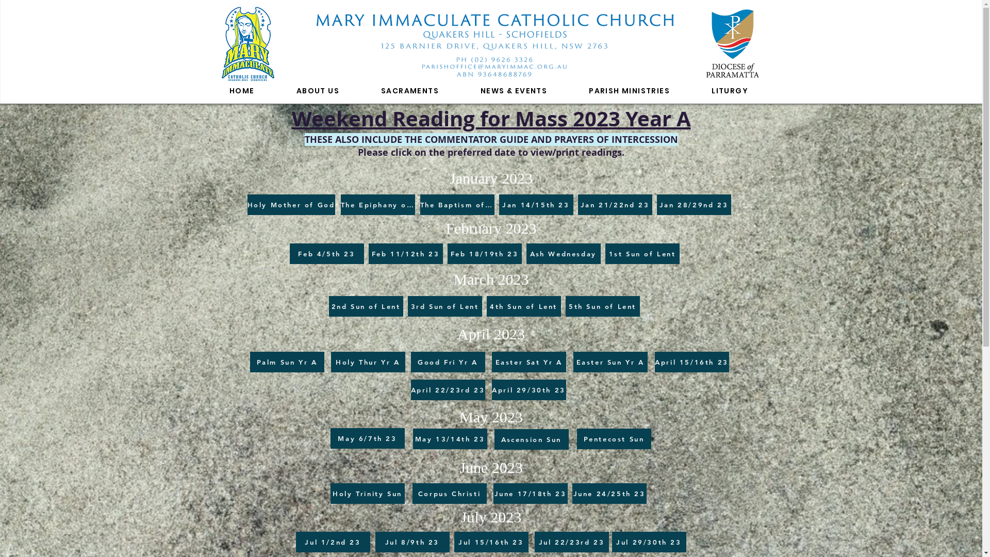 The width and height of the screenshot is (990, 557). I want to click on 'Diocese of Parramatta', so click(731, 45).